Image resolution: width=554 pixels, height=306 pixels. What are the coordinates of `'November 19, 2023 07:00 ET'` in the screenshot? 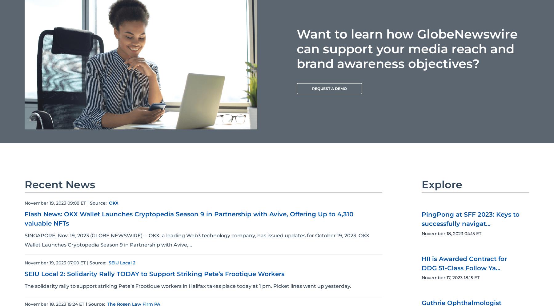 It's located at (55, 262).